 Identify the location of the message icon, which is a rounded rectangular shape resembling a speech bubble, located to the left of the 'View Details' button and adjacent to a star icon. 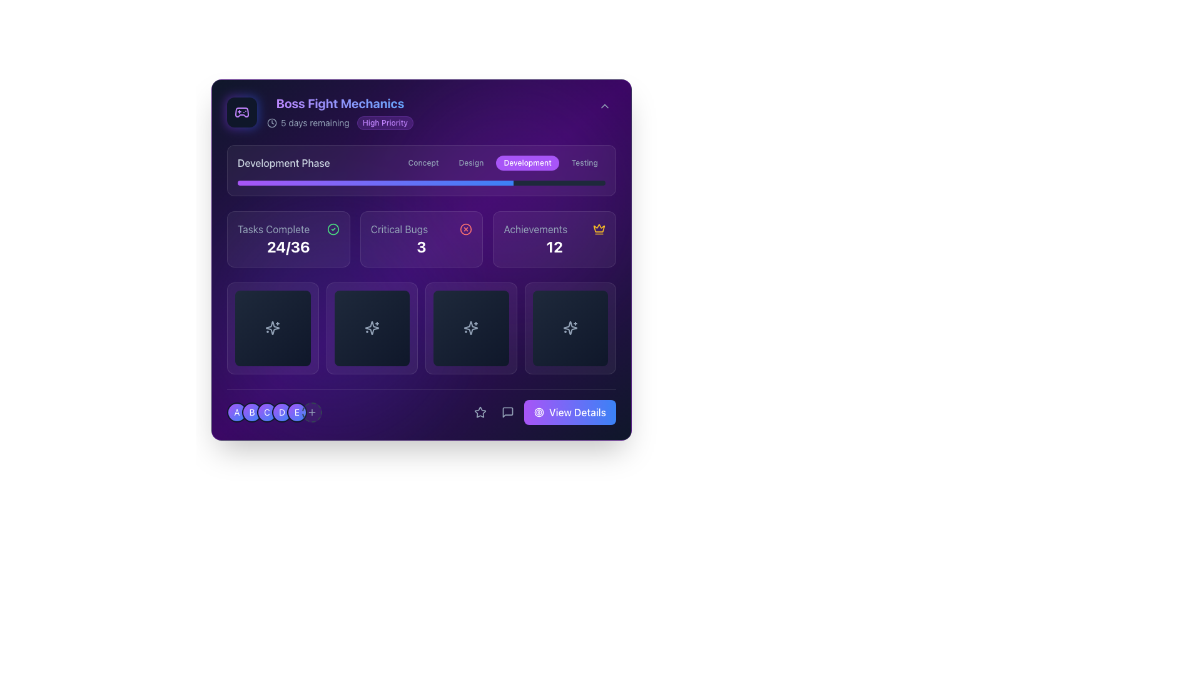
(507, 412).